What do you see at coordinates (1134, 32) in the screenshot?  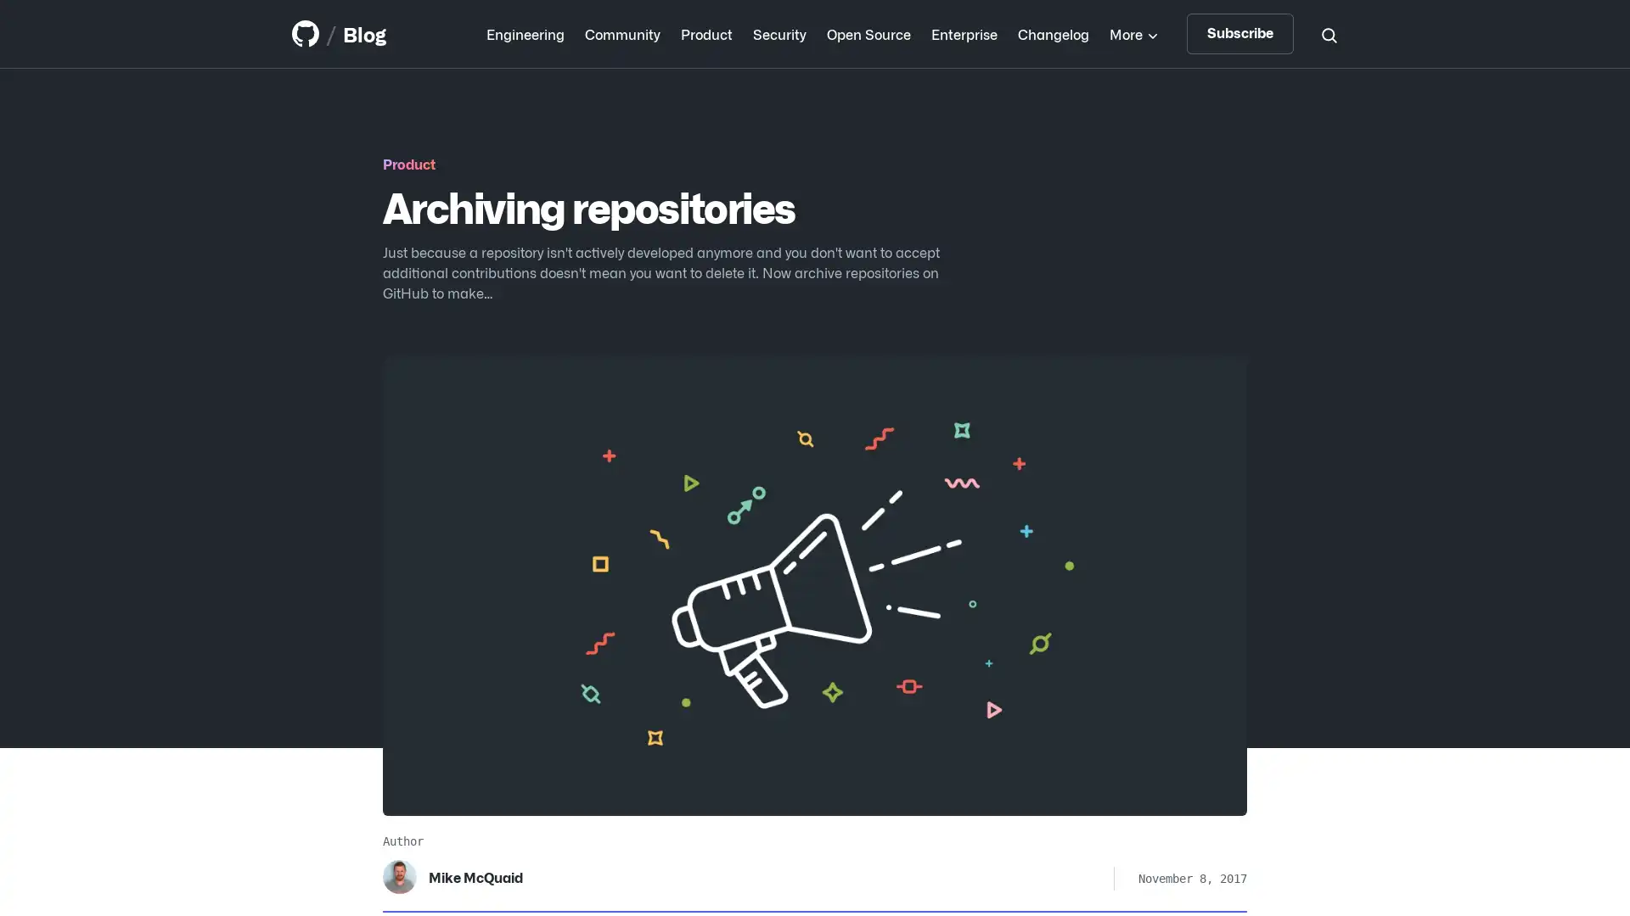 I see `More` at bounding box center [1134, 32].